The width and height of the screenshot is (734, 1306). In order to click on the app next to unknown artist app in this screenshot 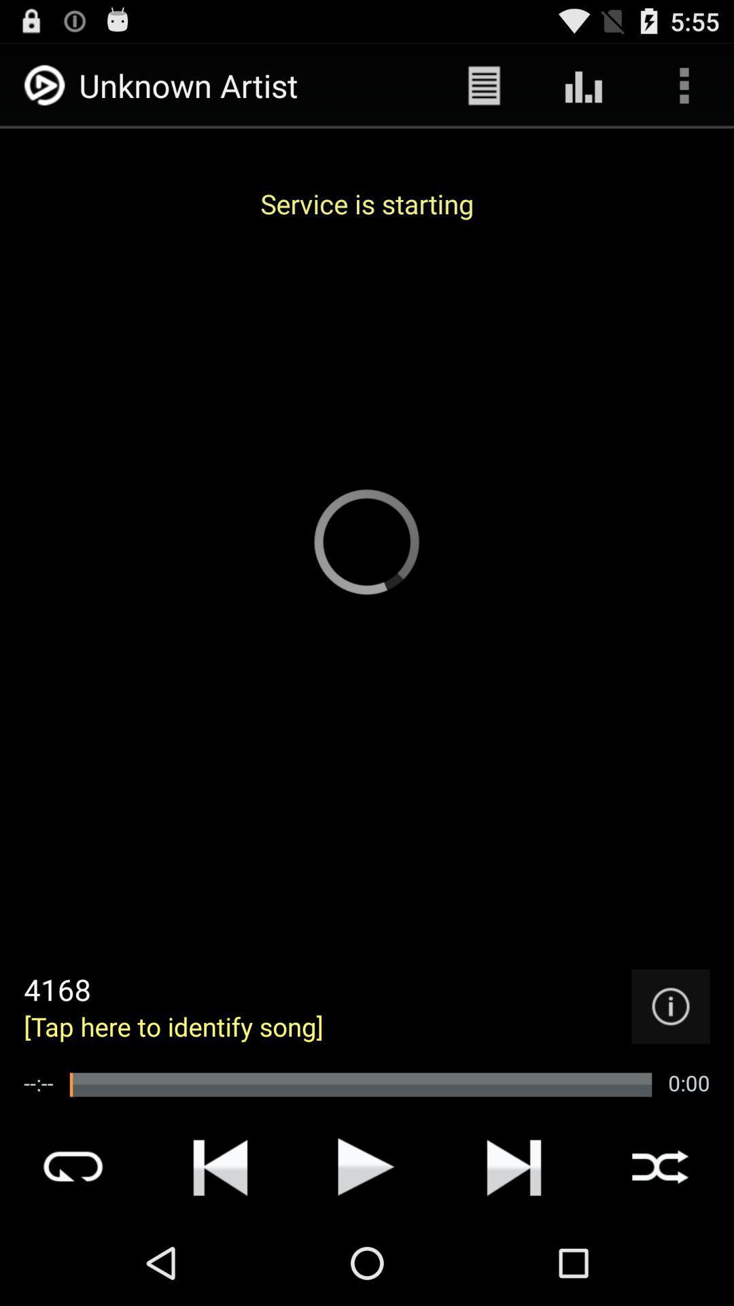, I will do `click(483, 84)`.